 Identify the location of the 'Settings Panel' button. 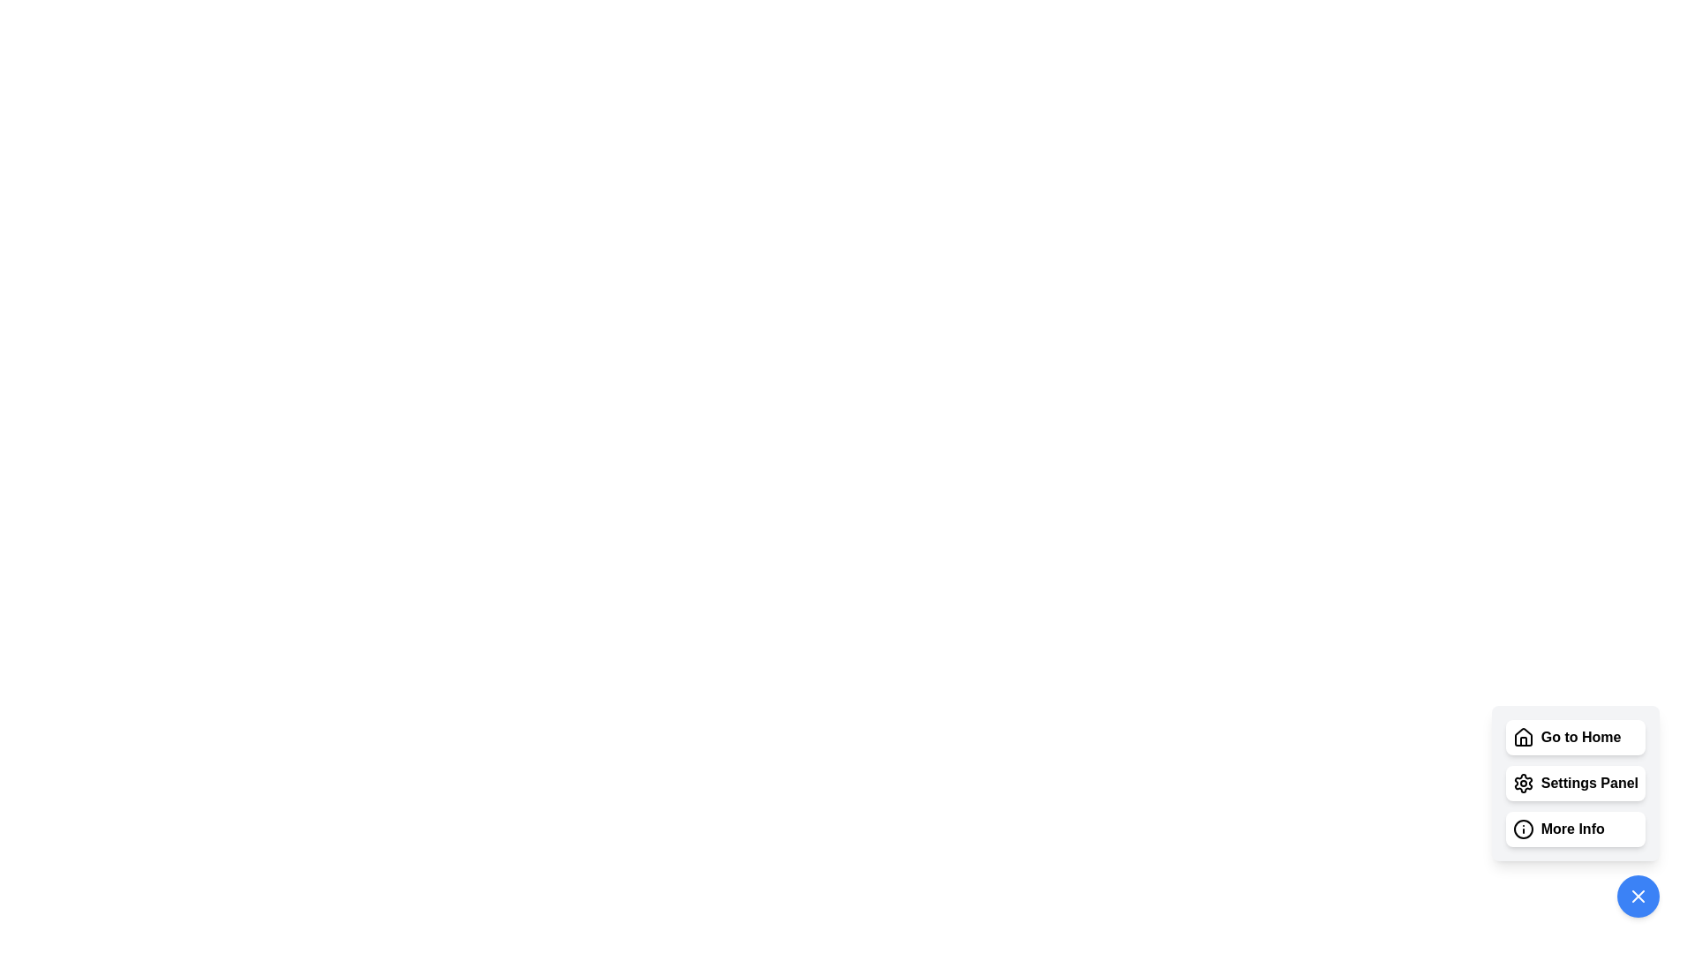
(1575, 782).